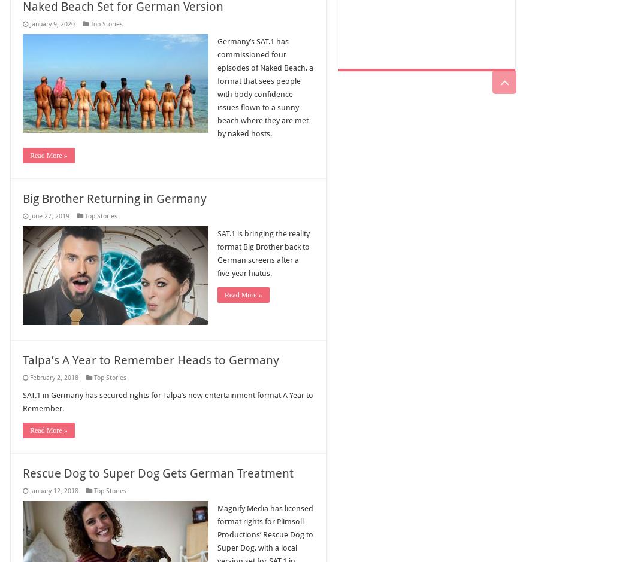 The image size is (626, 562). Describe the element at coordinates (264, 253) in the screenshot. I see `'SAT.1 is bringing the reality format Big Brother back to German screens after a five-year hiatus.'` at that location.